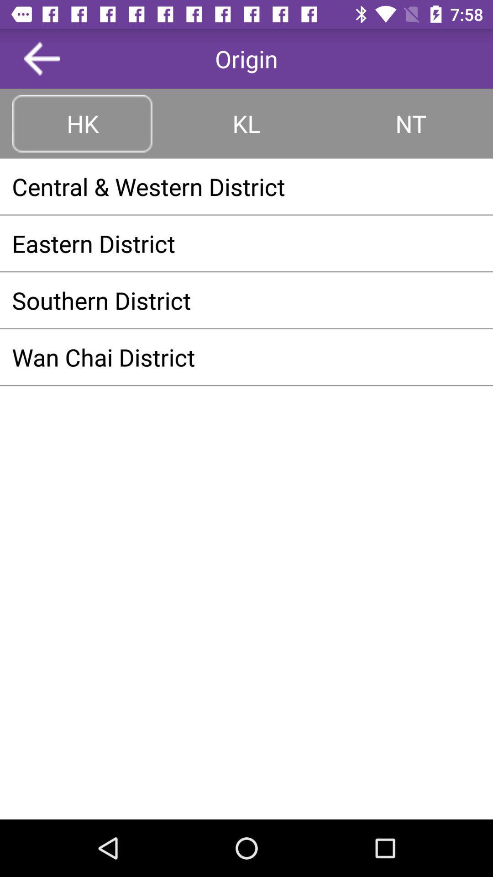  Describe the element at coordinates (82, 123) in the screenshot. I see `hk` at that location.